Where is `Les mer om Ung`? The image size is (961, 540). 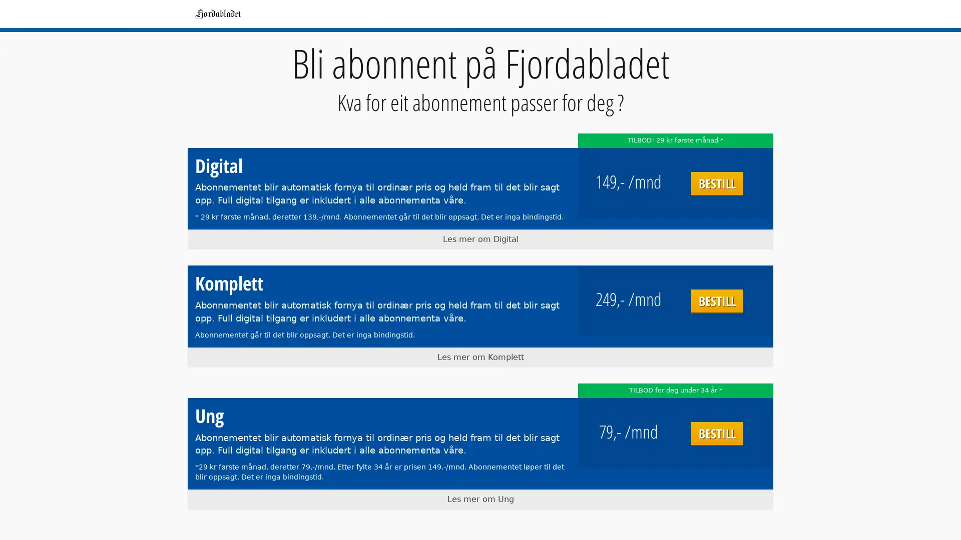 Les mer om Ung is located at coordinates (480, 499).